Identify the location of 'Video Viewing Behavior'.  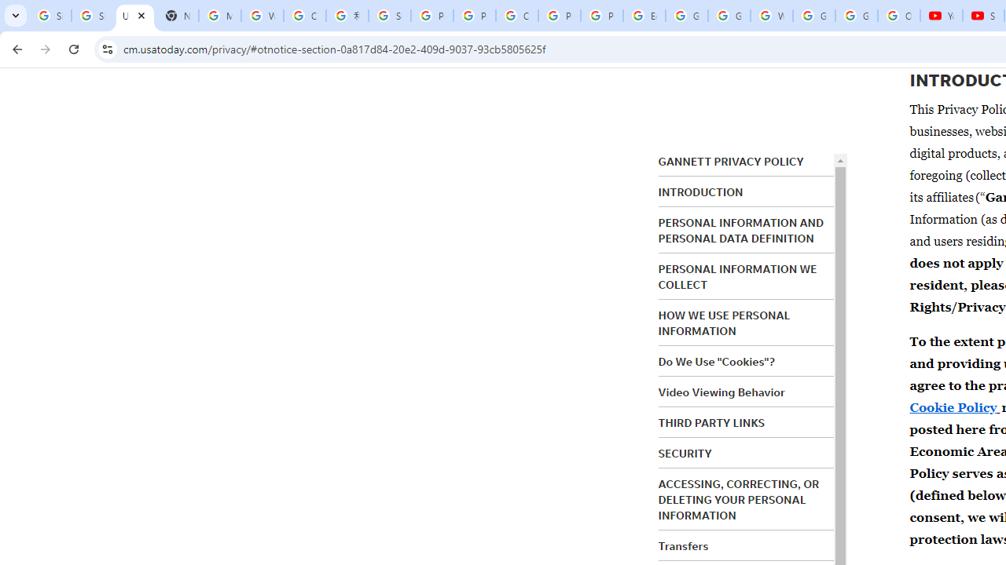
(720, 392).